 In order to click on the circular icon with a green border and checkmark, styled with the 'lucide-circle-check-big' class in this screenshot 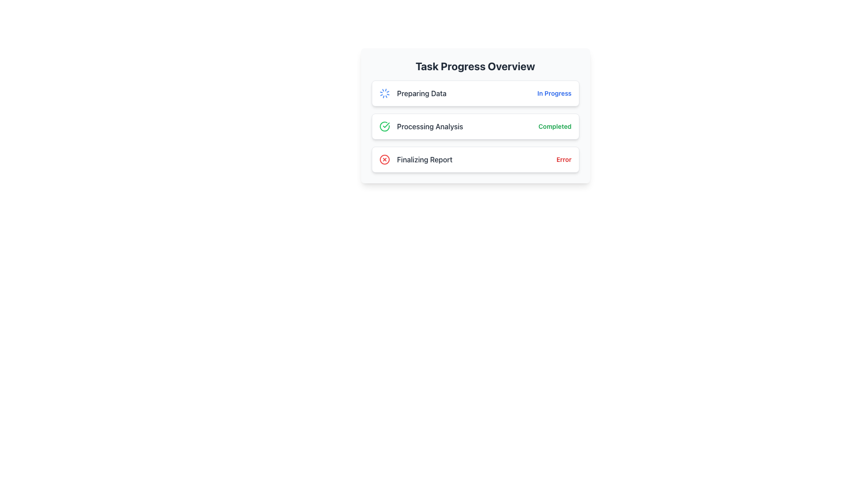, I will do `click(384, 126)`.